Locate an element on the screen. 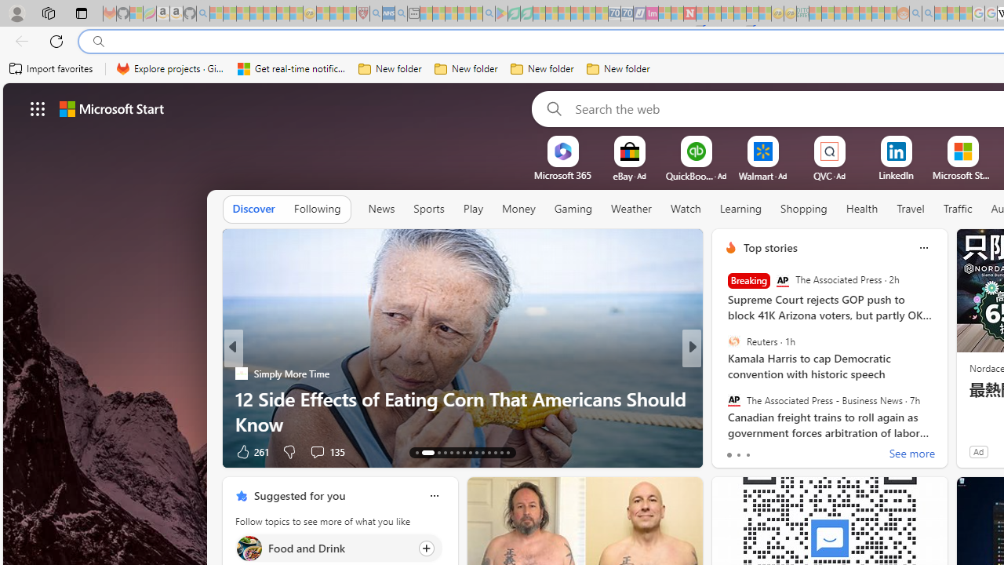 The width and height of the screenshot is (1004, 565). '69 Like' is located at coordinates (732, 451).